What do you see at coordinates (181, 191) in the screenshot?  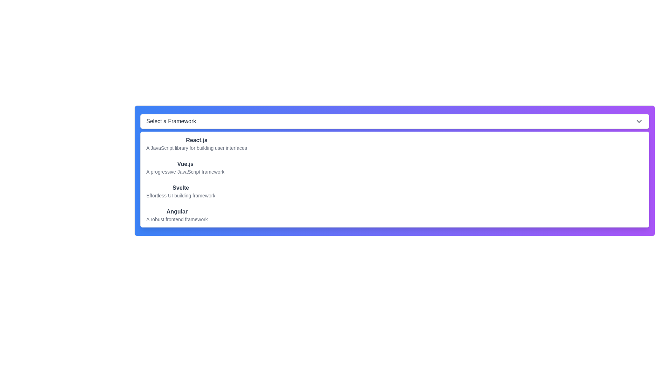 I see `the list item displaying the option 'Svelte' in the dropdown menu` at bounding box center [181, 191].